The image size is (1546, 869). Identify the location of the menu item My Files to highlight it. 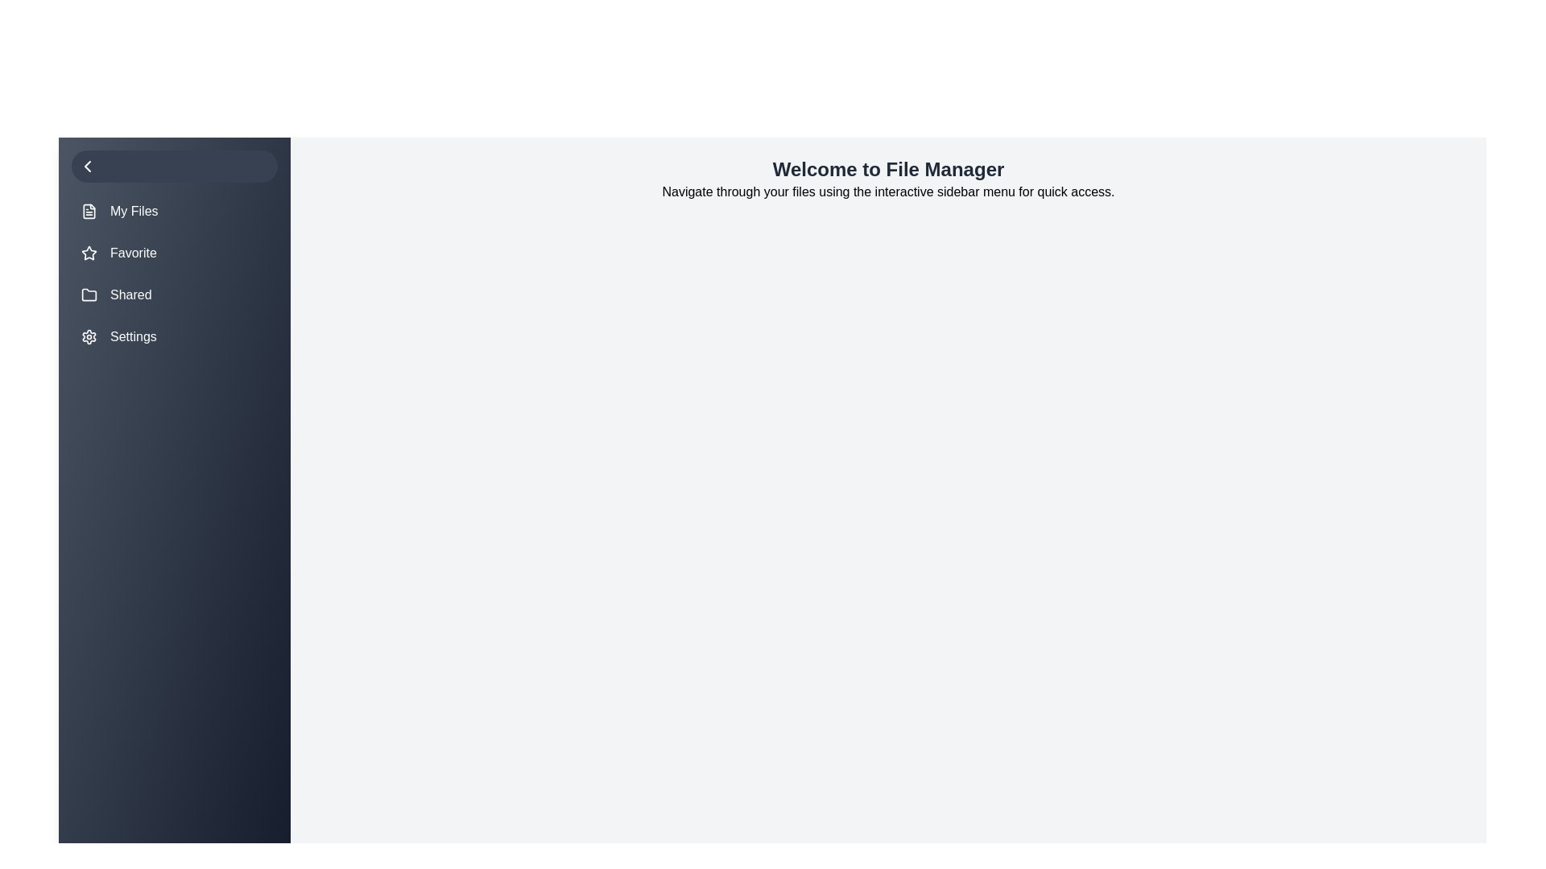
(174, 210).